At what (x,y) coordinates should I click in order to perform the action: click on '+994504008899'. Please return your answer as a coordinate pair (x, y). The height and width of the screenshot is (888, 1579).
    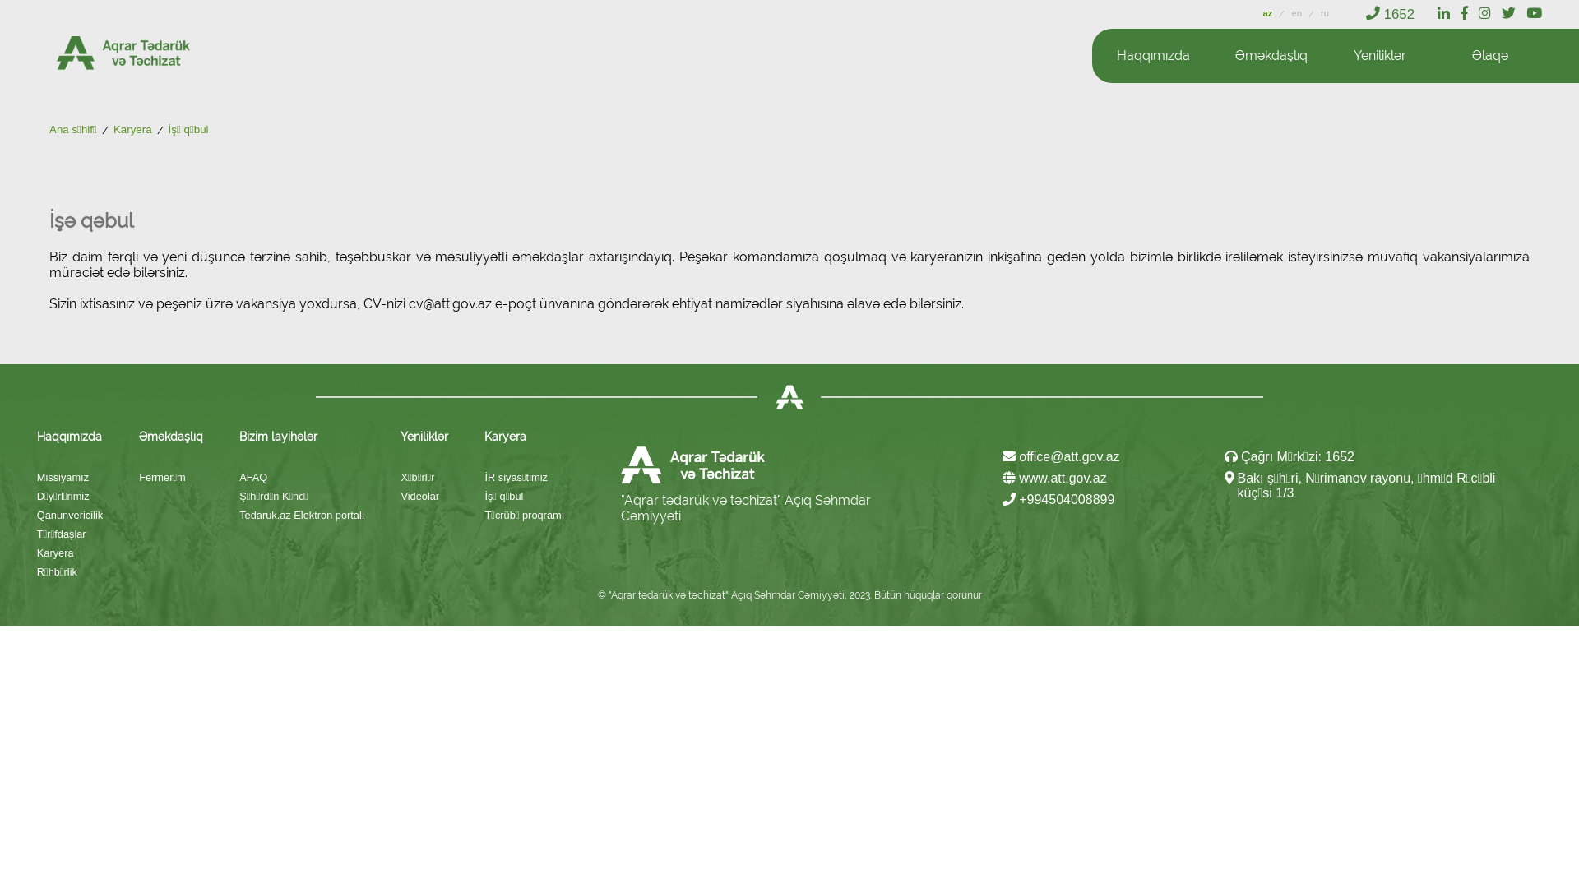
    Looking at the image, I should click on (1058, 499).